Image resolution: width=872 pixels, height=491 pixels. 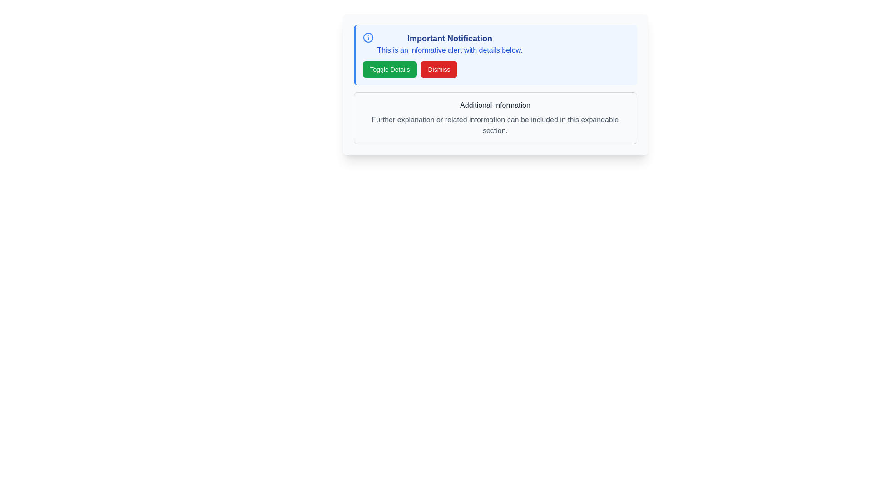 What do you see at coordinates (439, 69) in the screenshot?
I see `the 'Dismiss' button` at bounding box center [439, 69].